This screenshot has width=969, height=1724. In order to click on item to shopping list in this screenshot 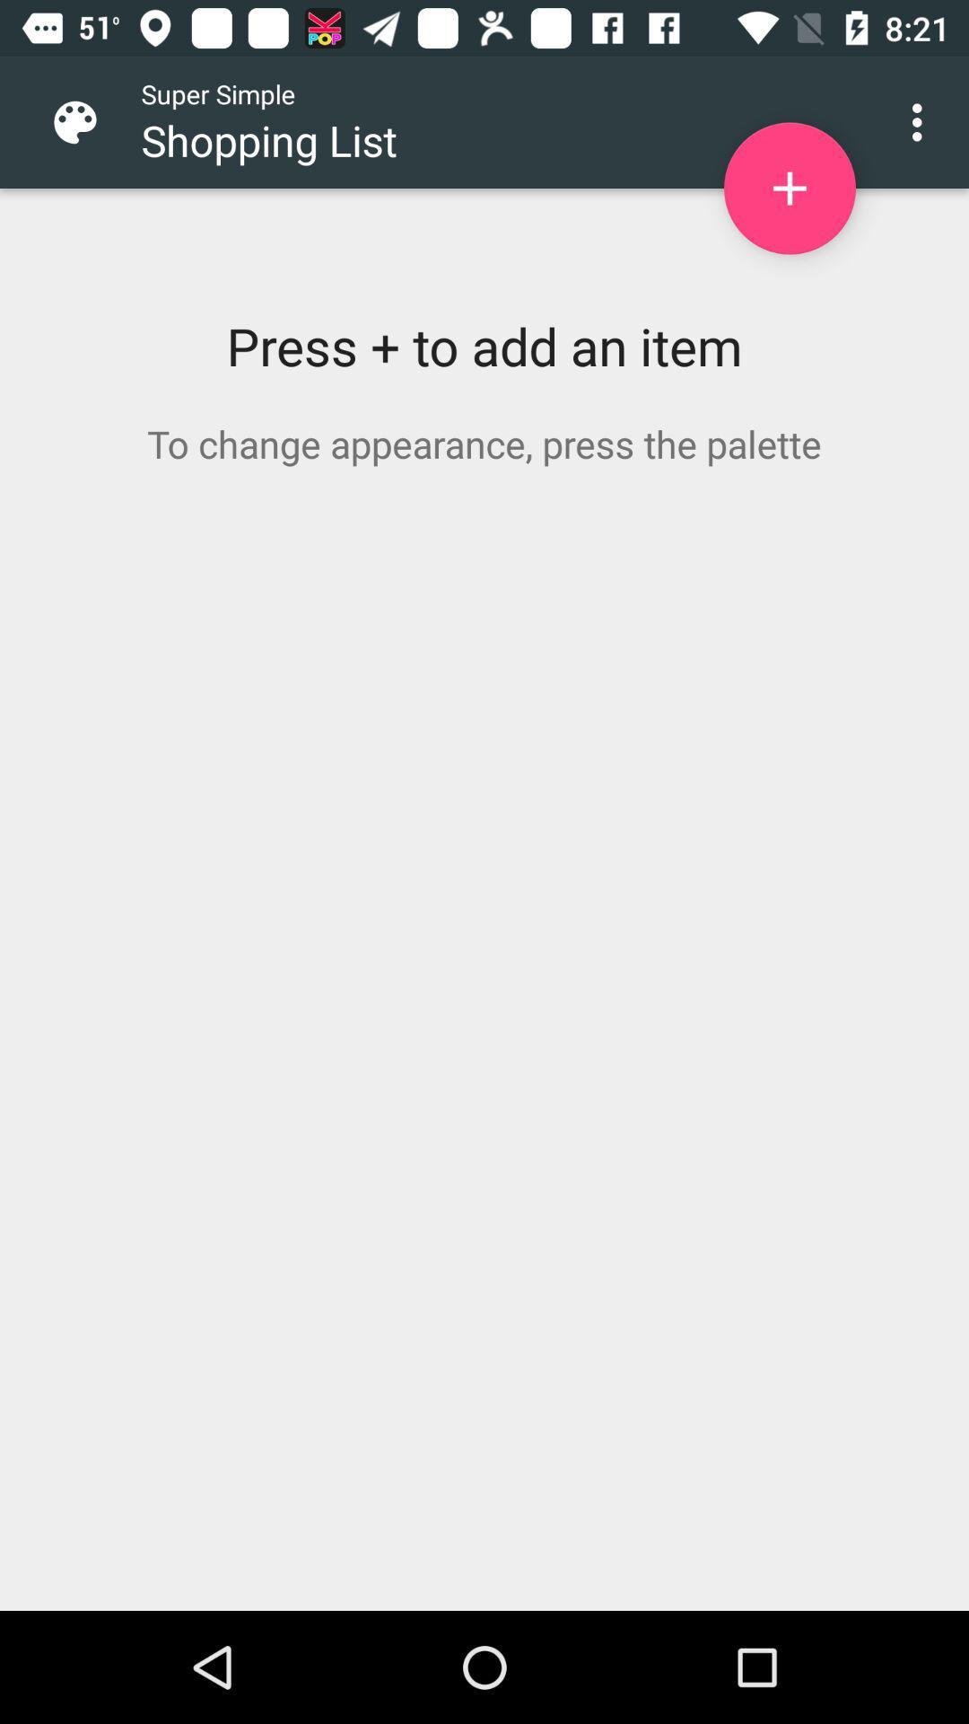, I will do `click(789, 189)`.